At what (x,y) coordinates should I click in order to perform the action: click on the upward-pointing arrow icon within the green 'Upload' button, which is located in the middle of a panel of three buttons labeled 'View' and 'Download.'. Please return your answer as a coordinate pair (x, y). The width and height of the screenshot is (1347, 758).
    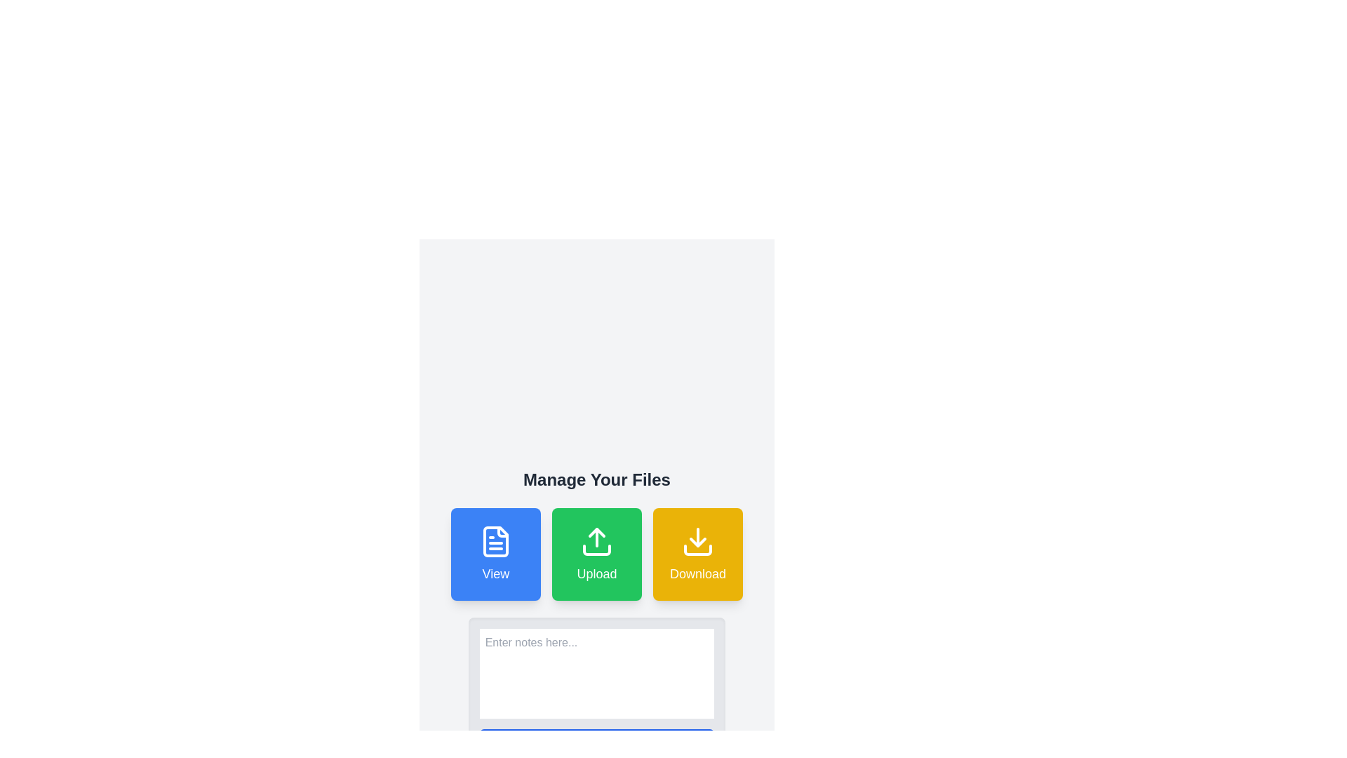
    Looking at the image, I should click on (596, 532).